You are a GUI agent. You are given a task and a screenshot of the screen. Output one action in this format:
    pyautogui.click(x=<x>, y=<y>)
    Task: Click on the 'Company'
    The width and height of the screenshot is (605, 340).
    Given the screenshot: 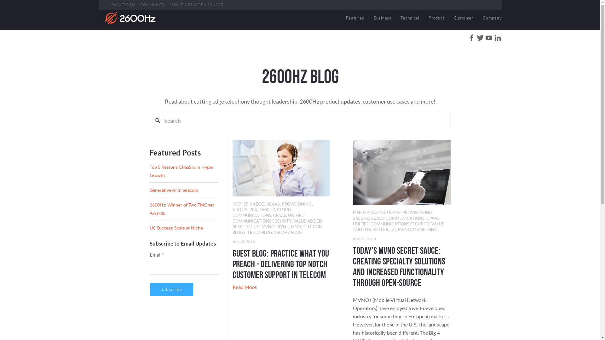 What is the action you would take?
    pyautogui.click(x=490, y=18)
    